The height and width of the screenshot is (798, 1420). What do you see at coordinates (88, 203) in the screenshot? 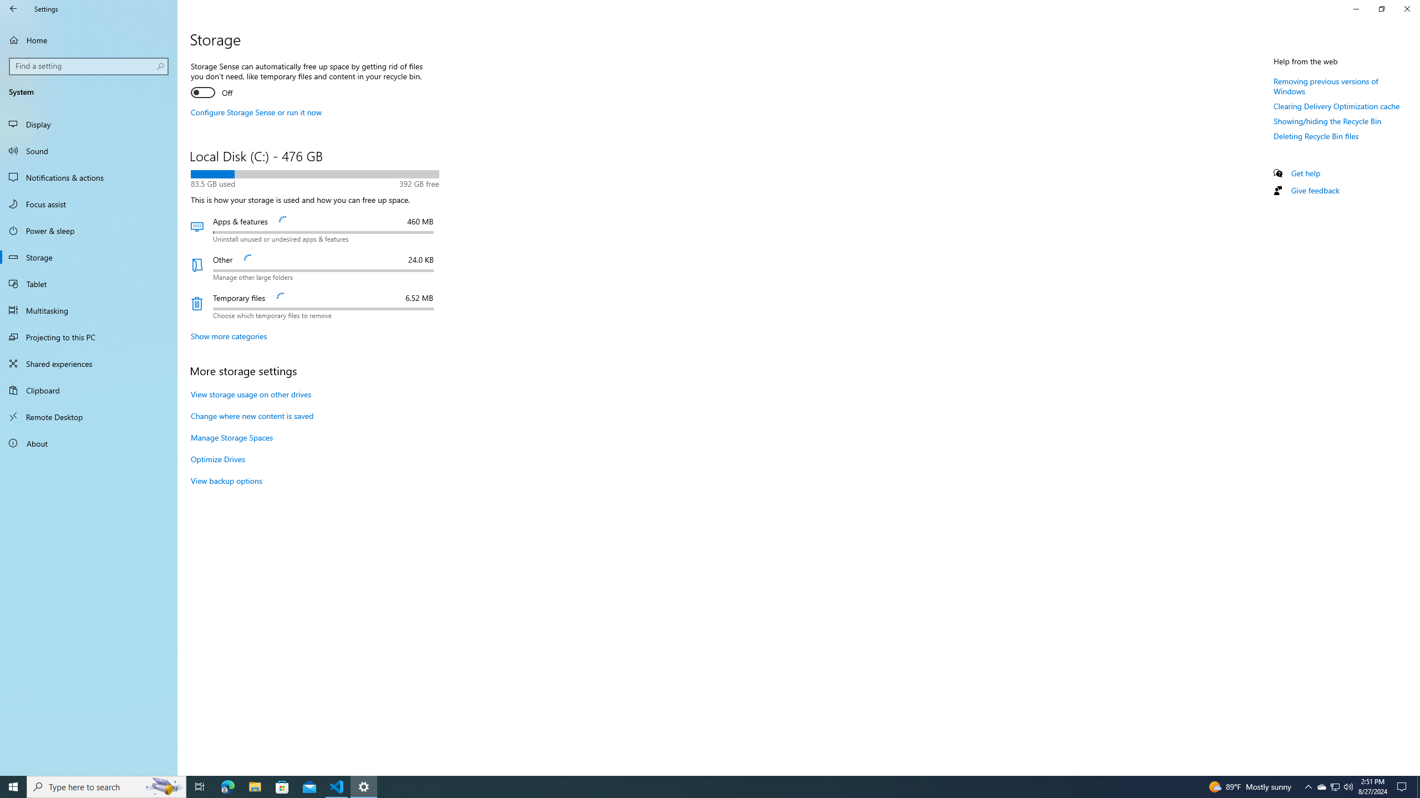
I see `'Focus assist'` at bounding box center [88, 203].